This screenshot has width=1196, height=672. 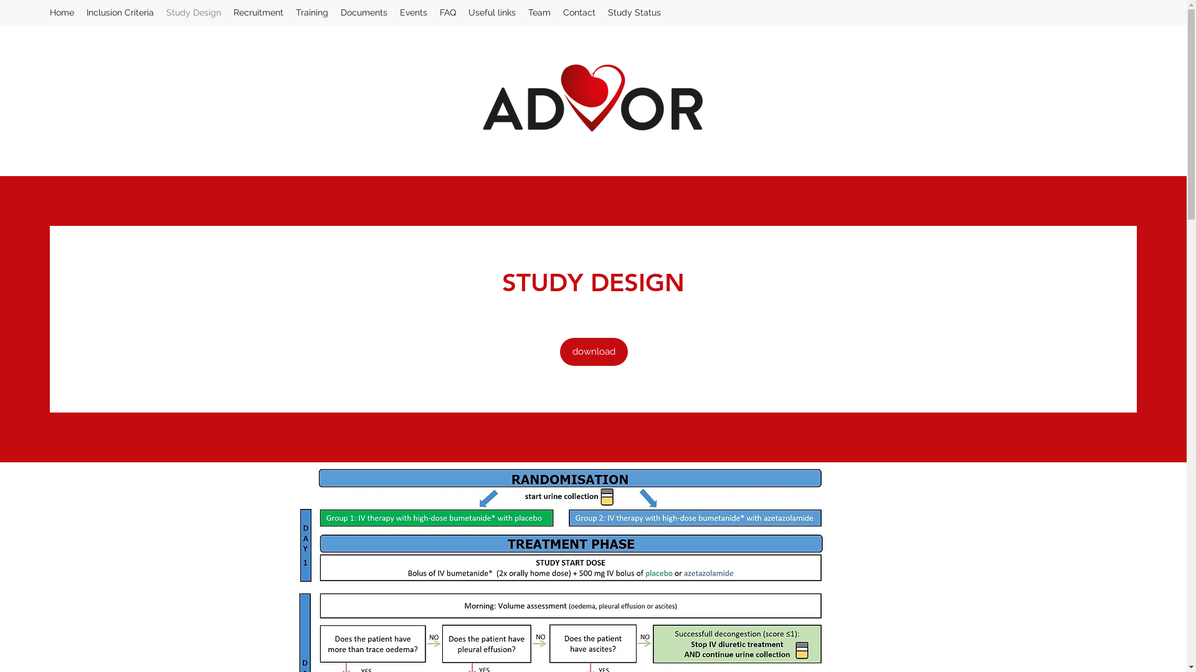 What do you see at coordinates (120, 12) in the screenshot?
I see `'Inclusion Criteria'` at bounding box center [120, 12].